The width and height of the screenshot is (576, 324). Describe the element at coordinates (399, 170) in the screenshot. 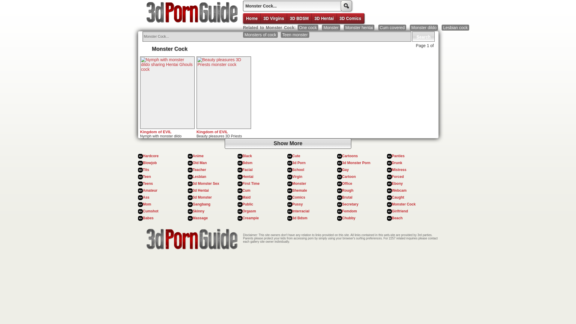

I see `'Mistress'` at that location.